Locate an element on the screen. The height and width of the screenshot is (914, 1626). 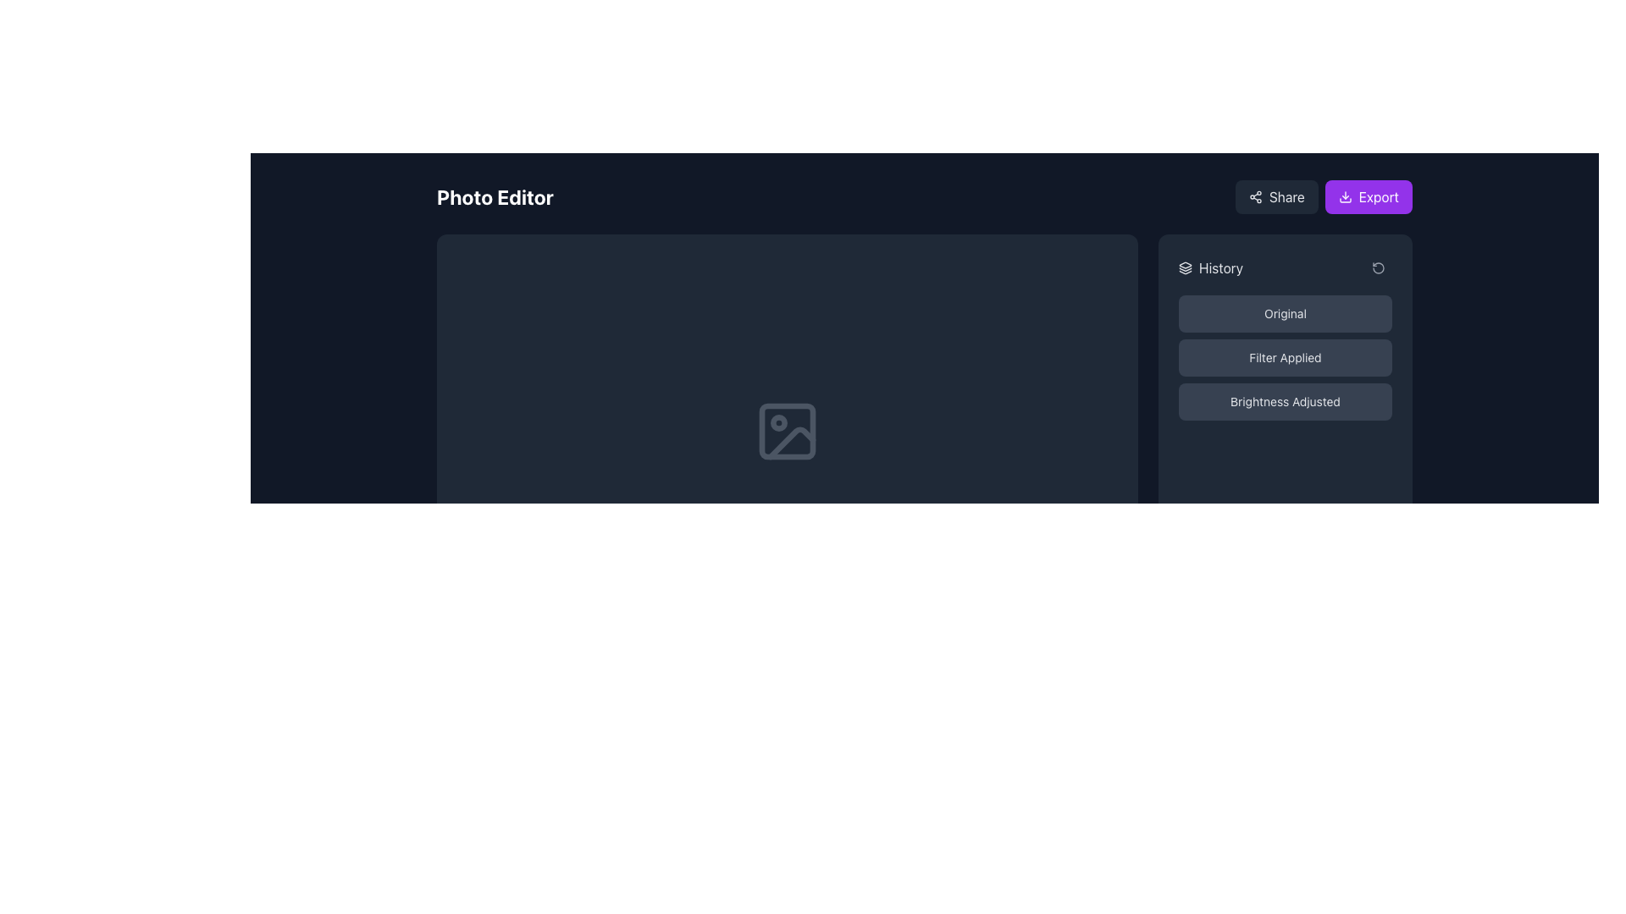
the Interactive placeholder is located at coordinates (787, 430).